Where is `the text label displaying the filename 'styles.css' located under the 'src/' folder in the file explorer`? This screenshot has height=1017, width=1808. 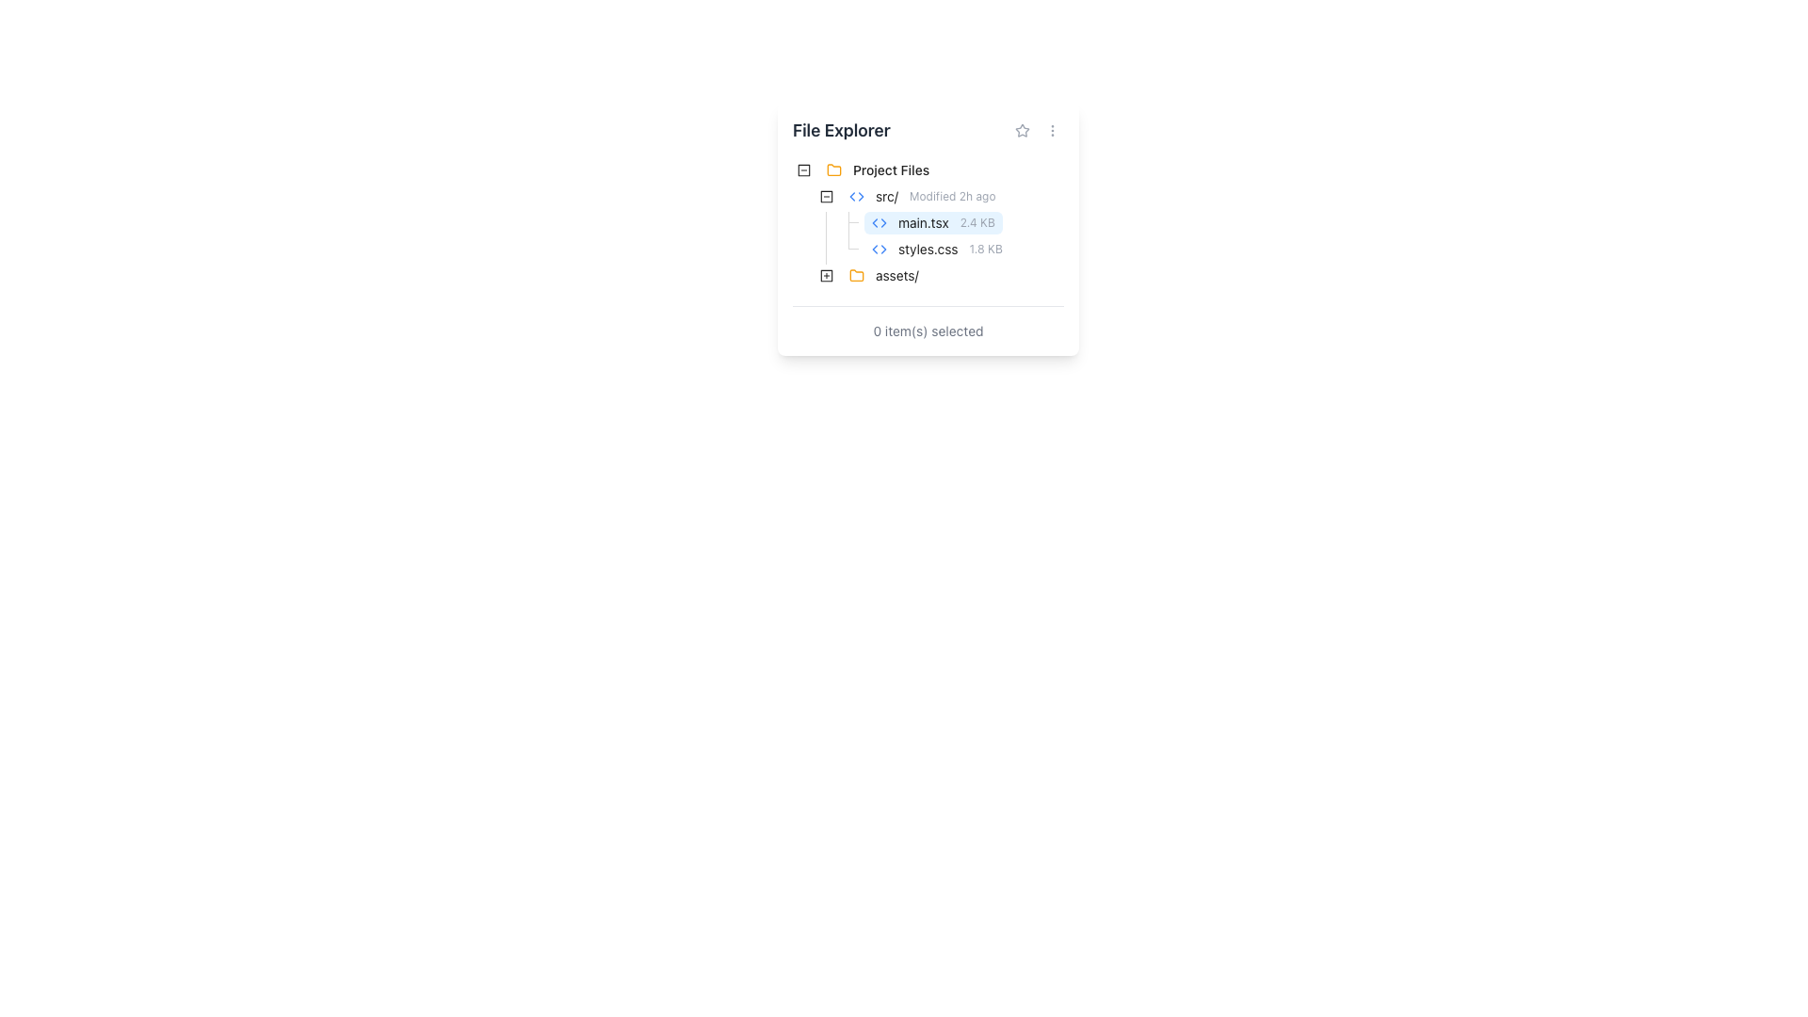 the text label displaying the filename 'styles.css' located under the 'src/' folder in the file explorer is located at coordinates (928, 249).